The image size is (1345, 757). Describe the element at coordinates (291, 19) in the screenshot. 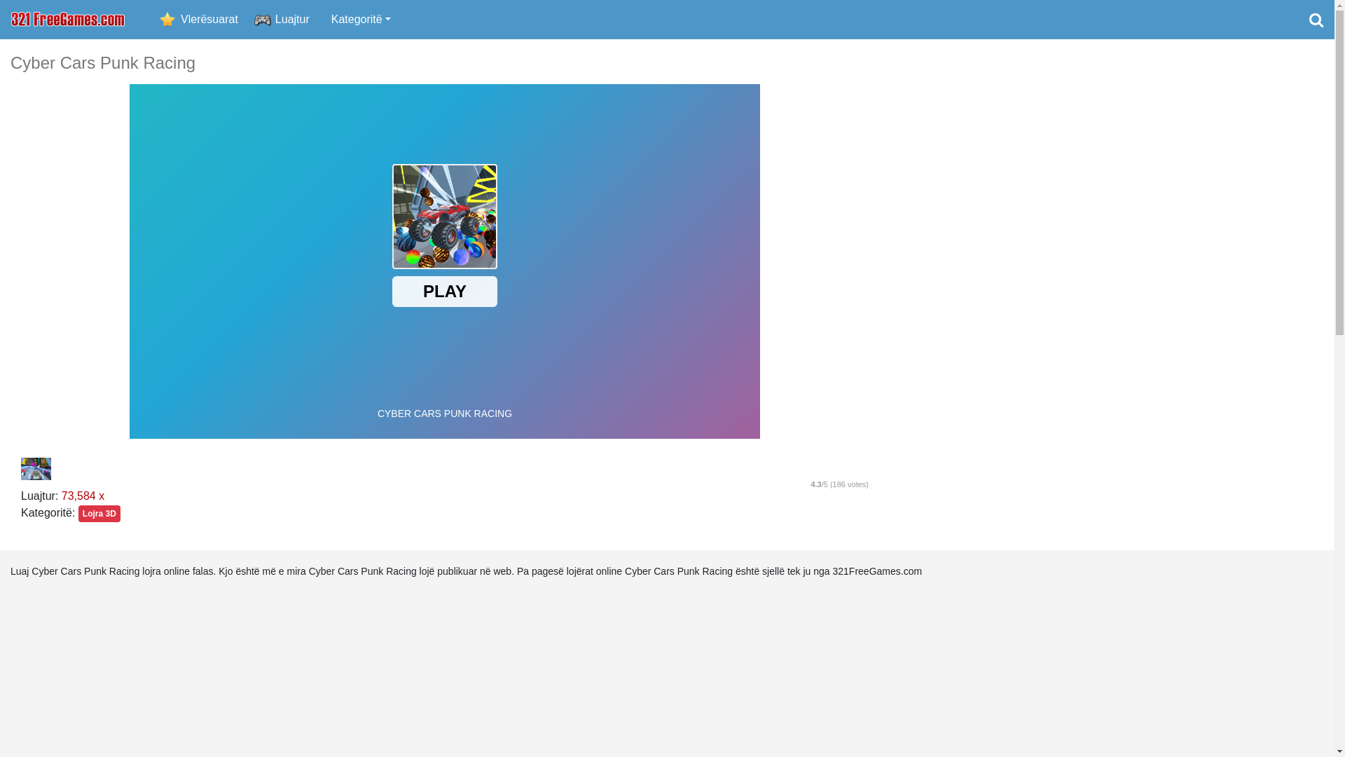

I see `'Luajtur'` at that location.